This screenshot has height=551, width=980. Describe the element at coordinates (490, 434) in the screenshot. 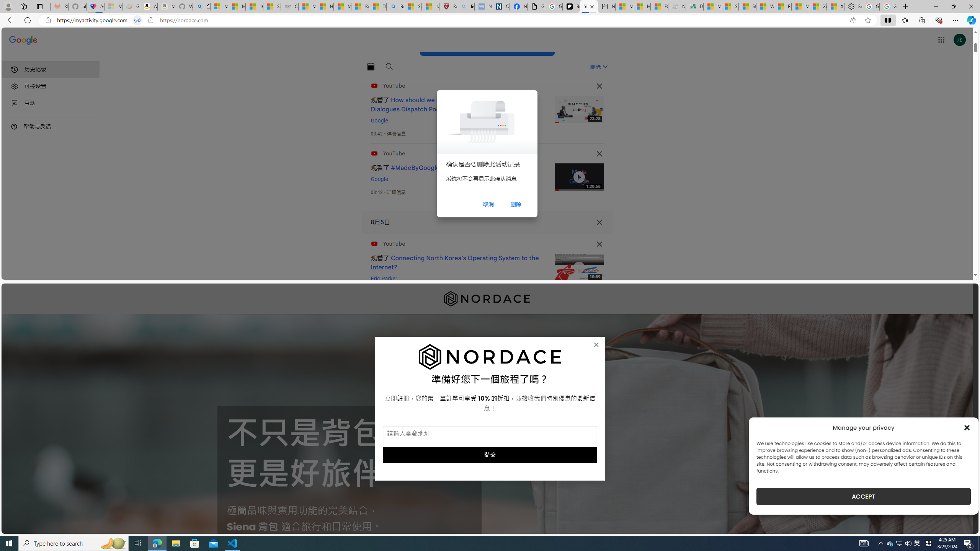

I see `'AutomationID: field_5_1'` at that location.